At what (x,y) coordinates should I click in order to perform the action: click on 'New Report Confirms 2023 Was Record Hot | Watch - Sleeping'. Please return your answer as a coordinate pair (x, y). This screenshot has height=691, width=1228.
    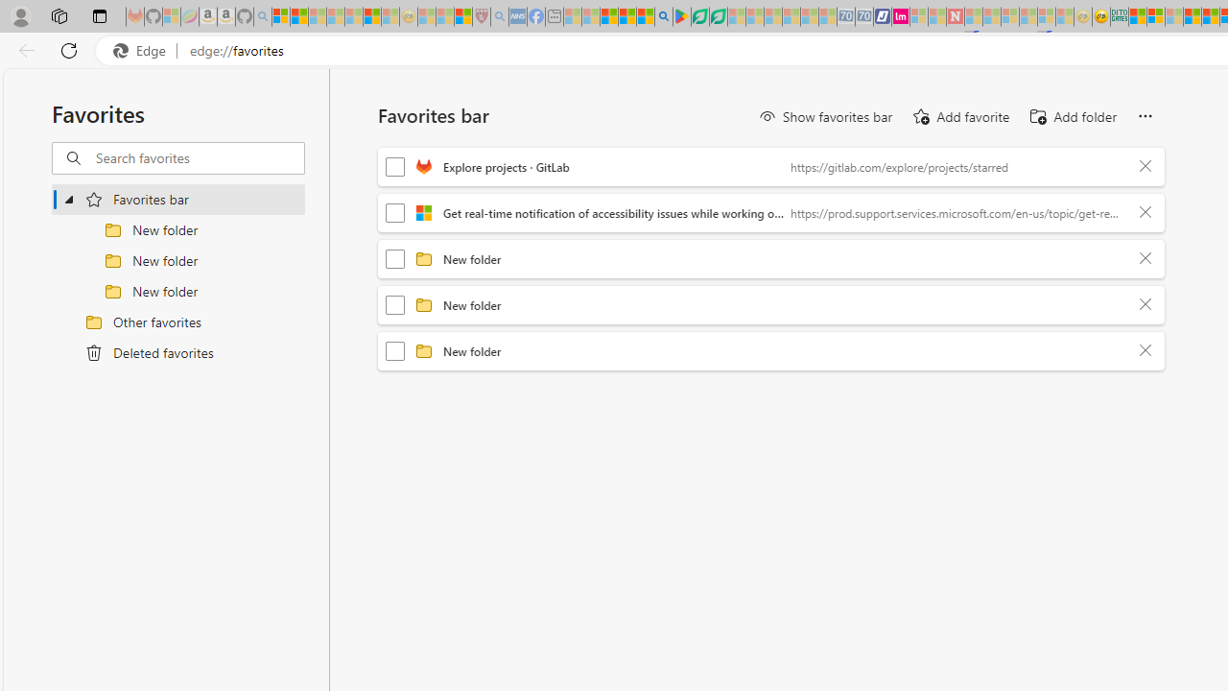
    Looking at the image, I should click on (353, 16).